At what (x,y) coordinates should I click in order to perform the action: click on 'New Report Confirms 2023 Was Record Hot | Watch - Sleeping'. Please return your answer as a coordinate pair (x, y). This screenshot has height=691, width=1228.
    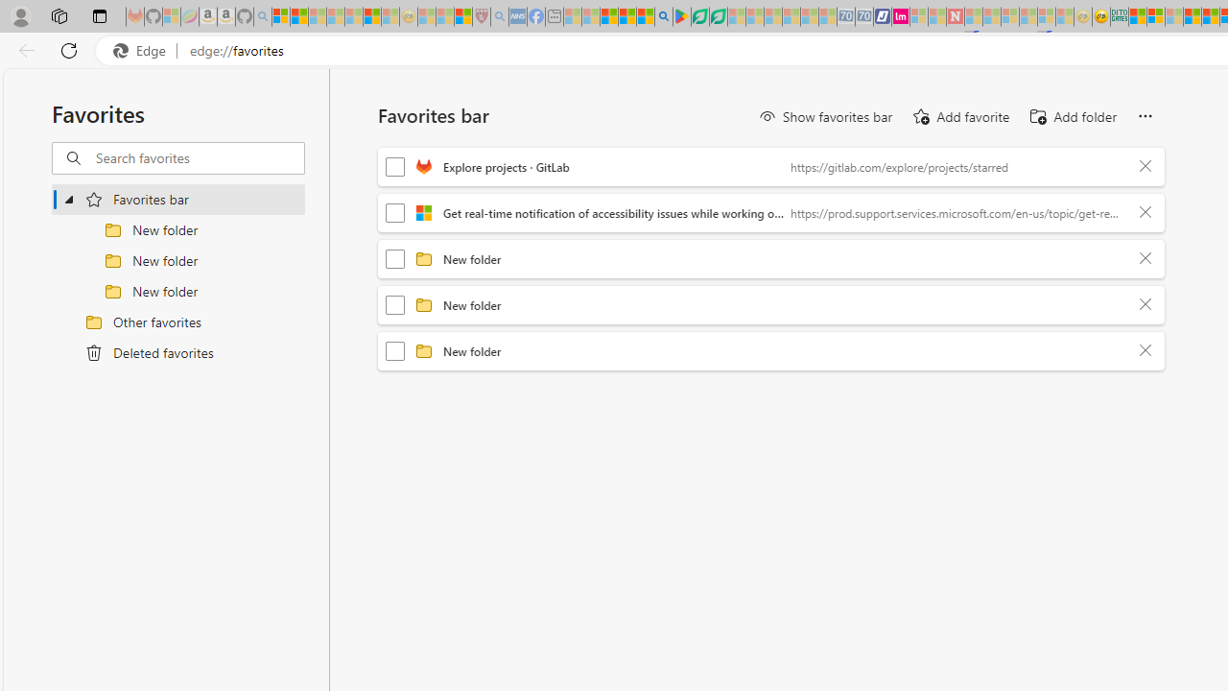
    Looking at the image, I should click on (353, 16).